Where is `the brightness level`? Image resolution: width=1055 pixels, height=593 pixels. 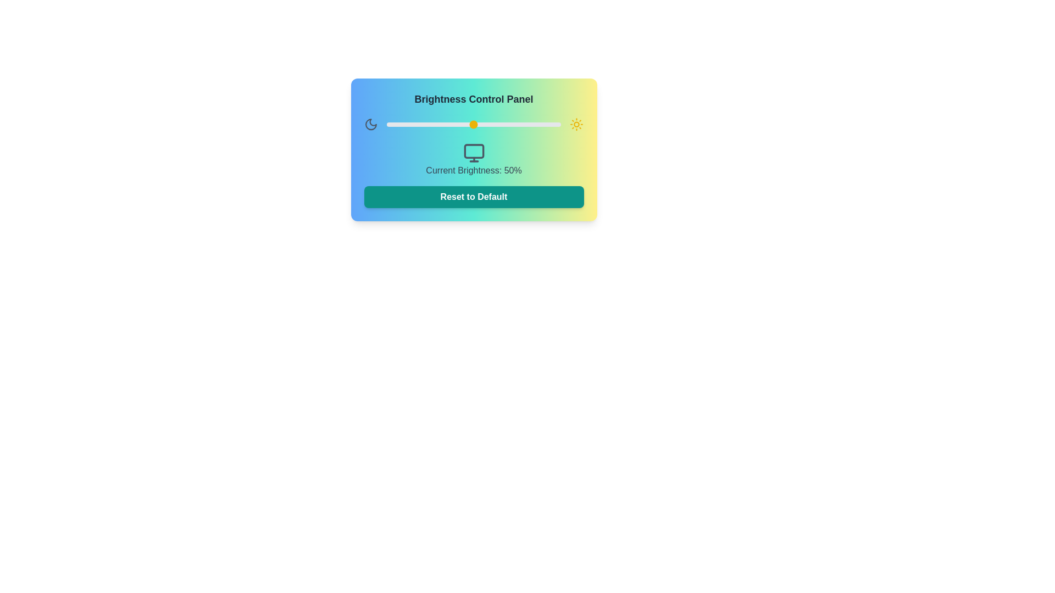
the brightness level is located at coordinates (481, 124).